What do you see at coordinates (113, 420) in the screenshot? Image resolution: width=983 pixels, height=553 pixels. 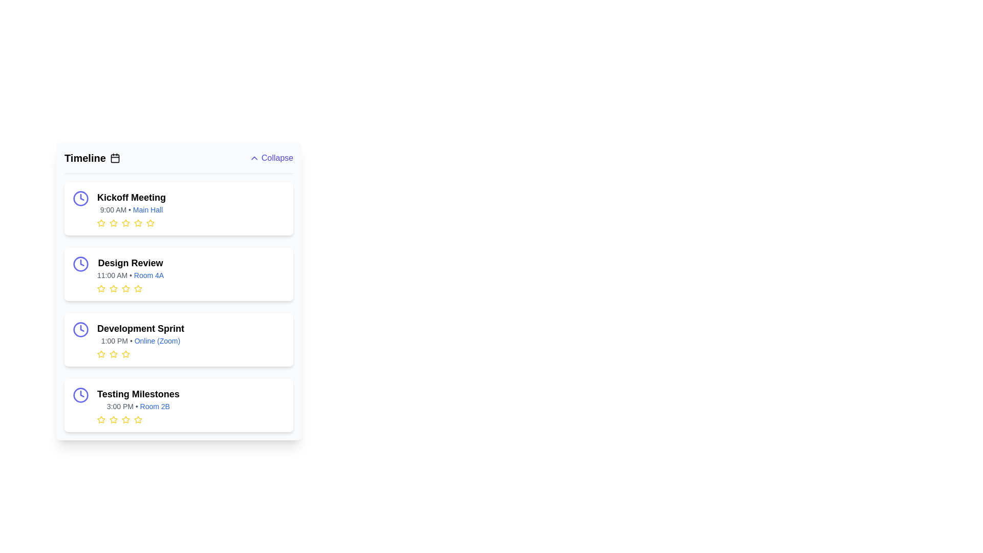 I see `the third yellow star icon in the row of five stars within the 'Testing Milestones' section` at bounding box center [113, 420].